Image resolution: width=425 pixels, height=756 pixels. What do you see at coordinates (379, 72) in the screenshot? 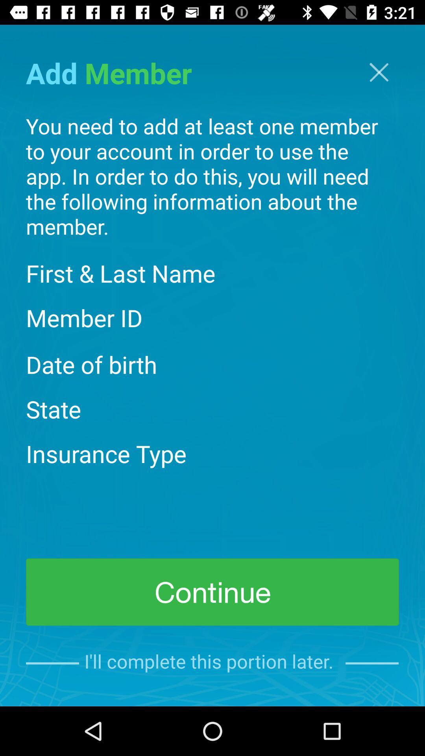
I see `the close icon` at bounding box center [379, 72].